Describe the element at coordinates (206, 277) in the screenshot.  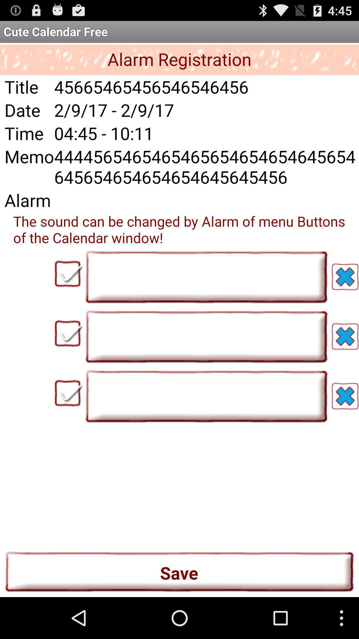
I see `the first text field` at that location.